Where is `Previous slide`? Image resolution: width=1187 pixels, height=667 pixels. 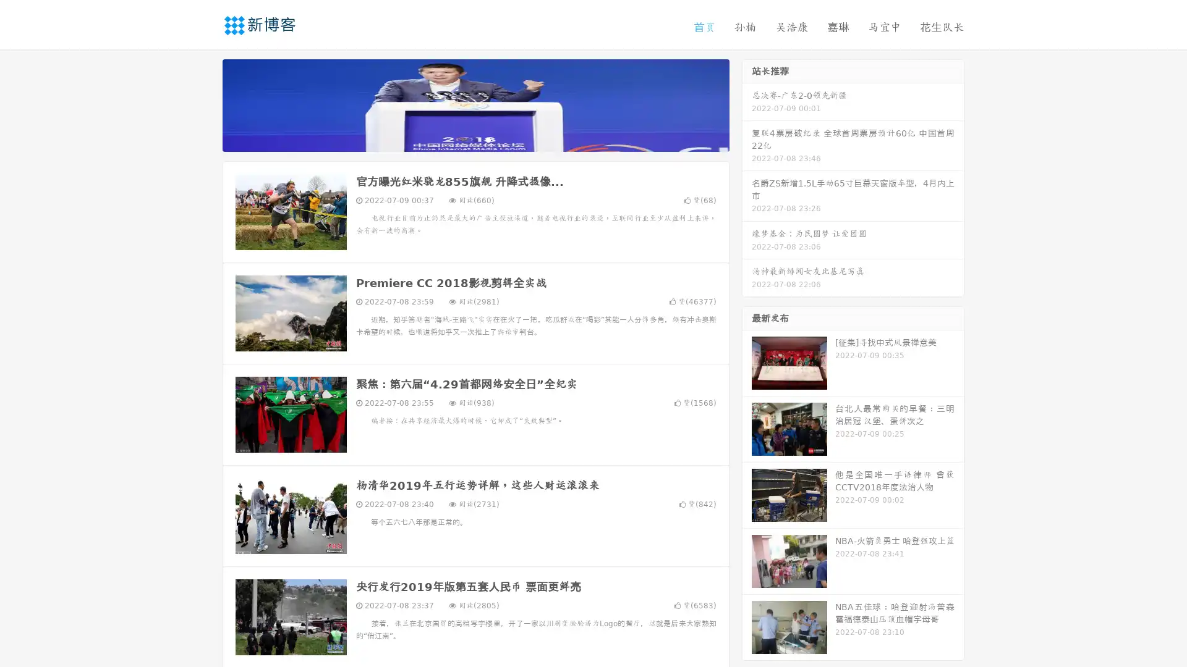
Previous slide is located at coordinates (204, 104).